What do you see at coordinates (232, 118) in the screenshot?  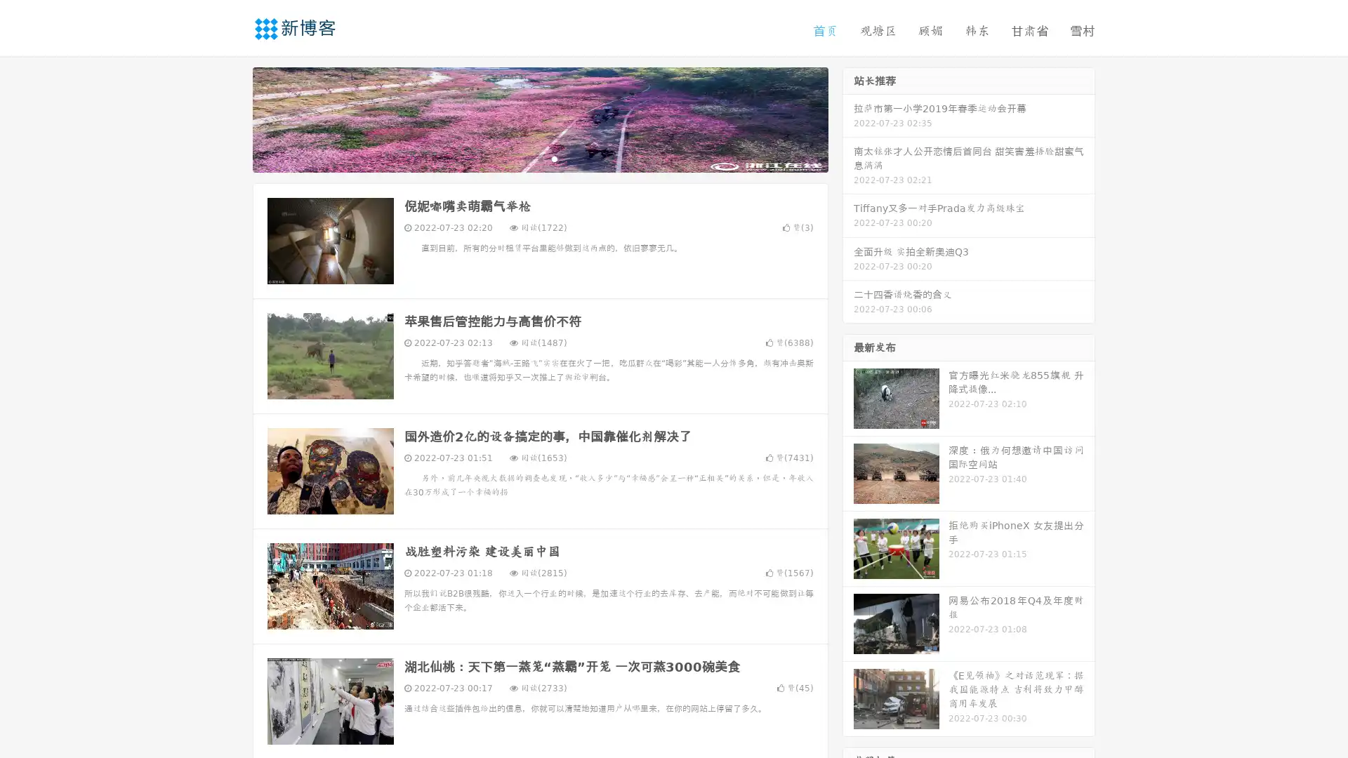 I see `Previous slide` at bounding box center [232, 118].